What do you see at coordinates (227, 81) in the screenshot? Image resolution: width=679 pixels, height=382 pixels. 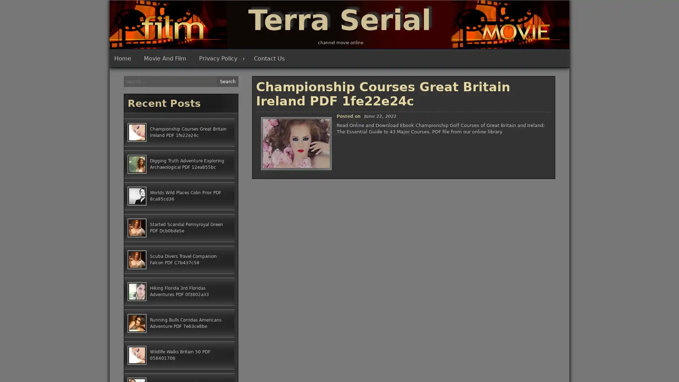 I see `Search` at bounding box center [227, 81].